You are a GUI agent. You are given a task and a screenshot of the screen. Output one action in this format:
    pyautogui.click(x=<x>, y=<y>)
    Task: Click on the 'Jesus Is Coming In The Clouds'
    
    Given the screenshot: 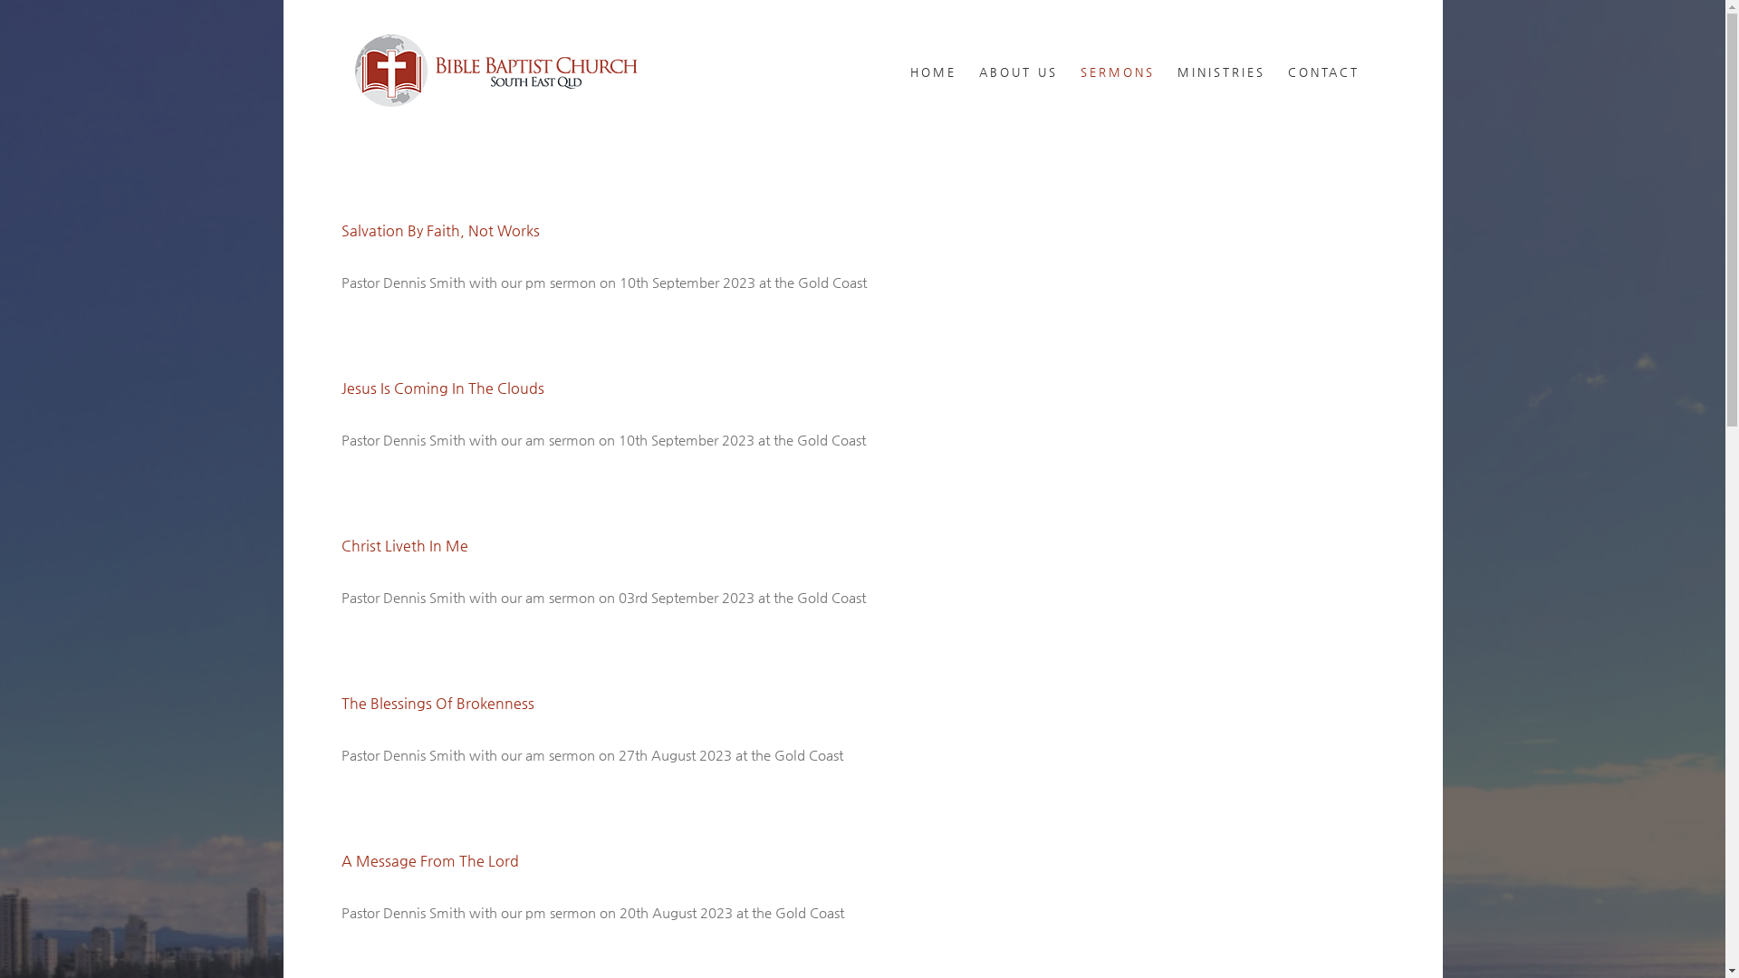 What is the action you would take?
    pyautogui.click(x=442, y=387)
    